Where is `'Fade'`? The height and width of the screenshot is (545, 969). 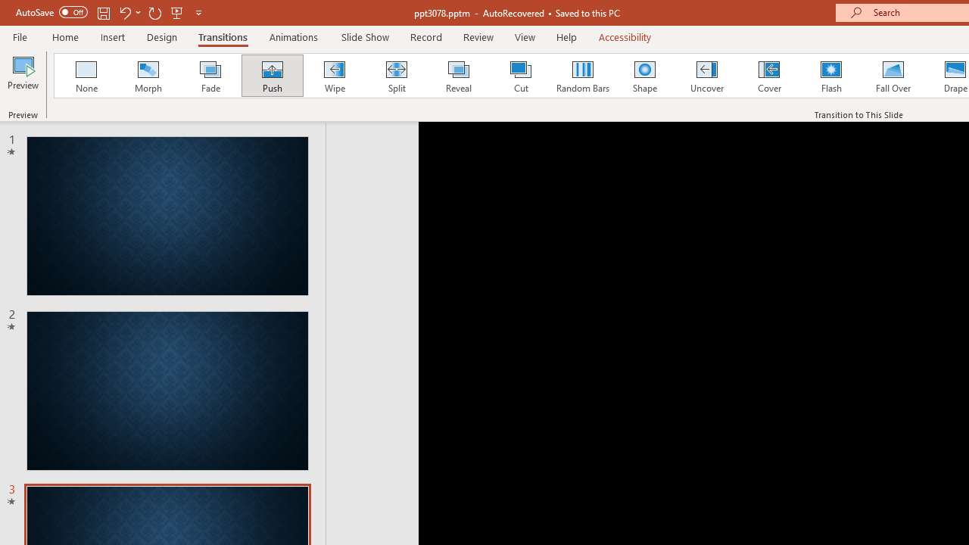 'Fade' is located at coordinates (209, 76).